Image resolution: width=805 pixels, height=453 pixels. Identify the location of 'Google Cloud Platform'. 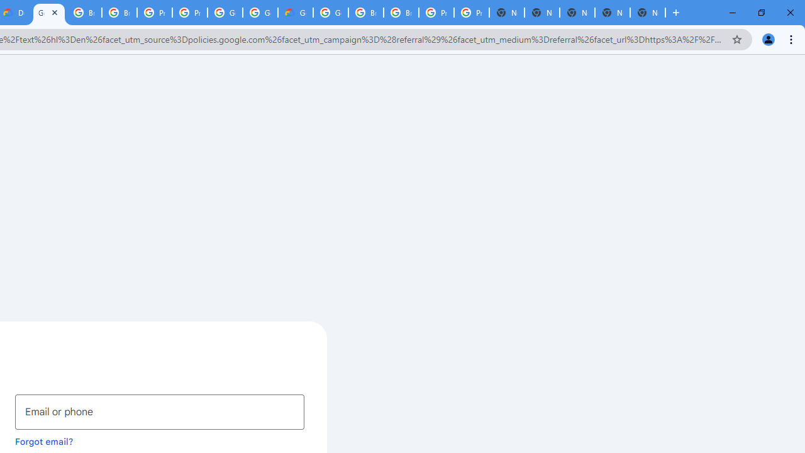
(260, 13).